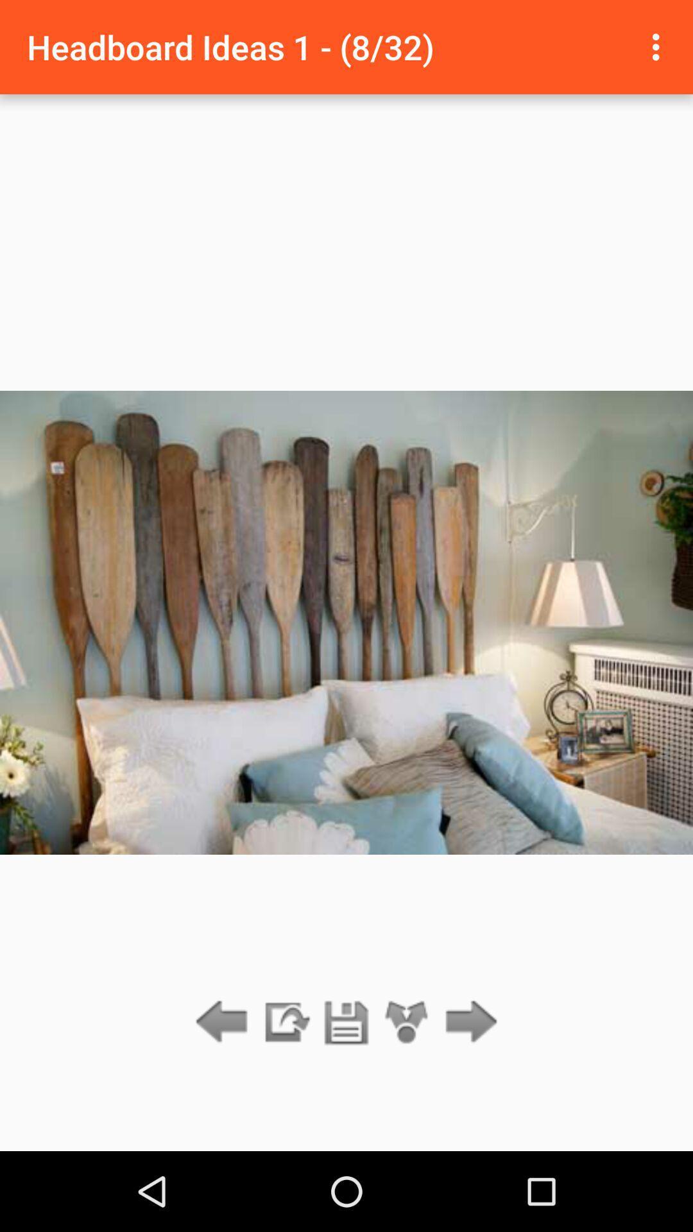  What do you see at coordinates (468, 1022) in the screenshot?
I see `the arrow_forward icon` at bounding box center [468, 1022].